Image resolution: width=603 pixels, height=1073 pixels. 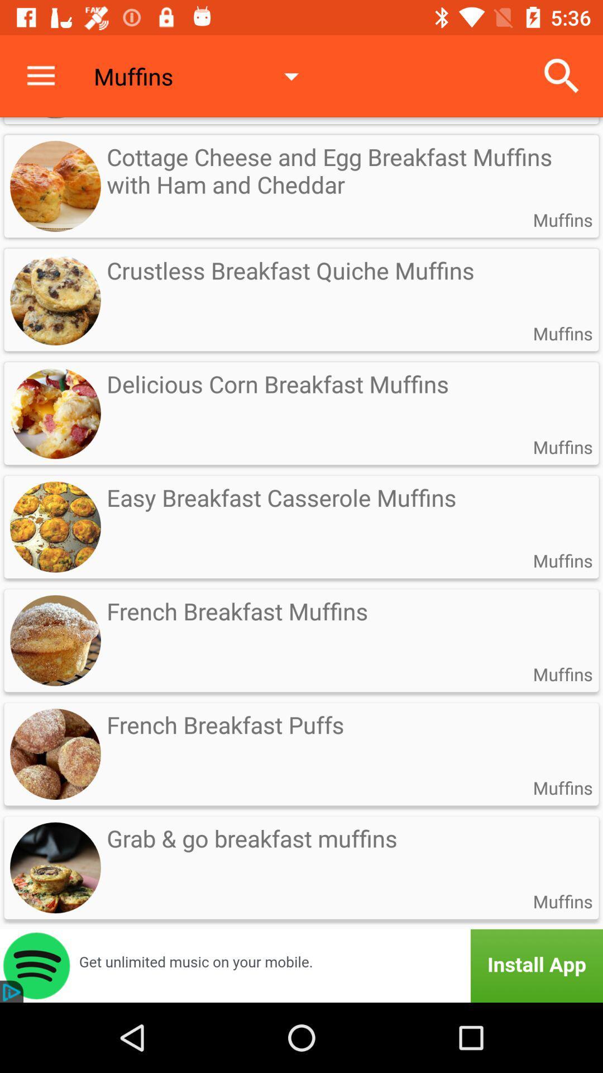 I want to click on install app, so click(x=301, y=965).